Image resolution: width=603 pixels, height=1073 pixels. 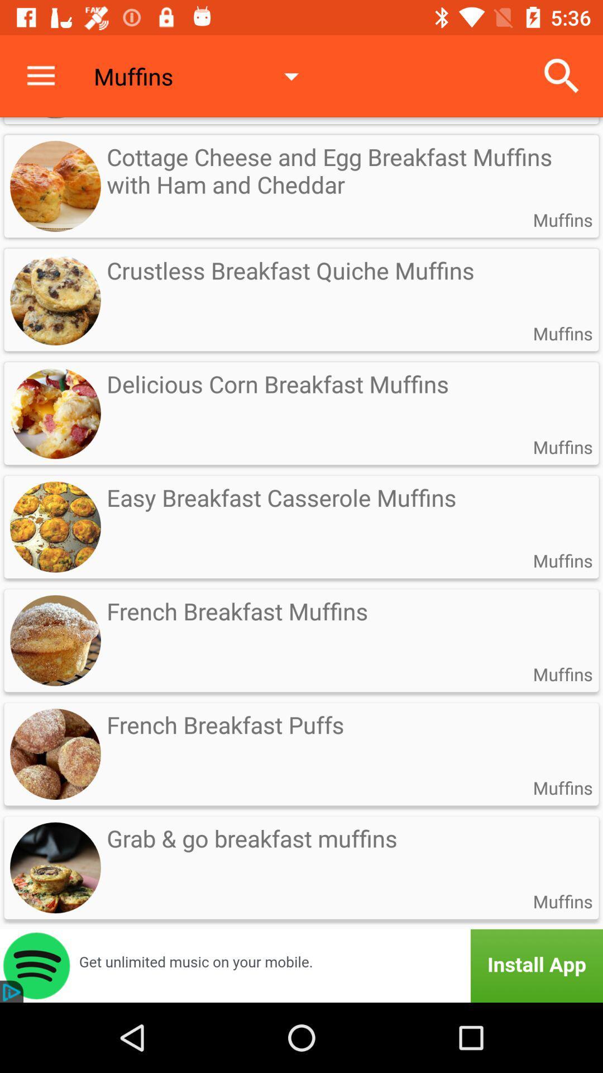 I want to click on install app, so click(x=301, y=965).